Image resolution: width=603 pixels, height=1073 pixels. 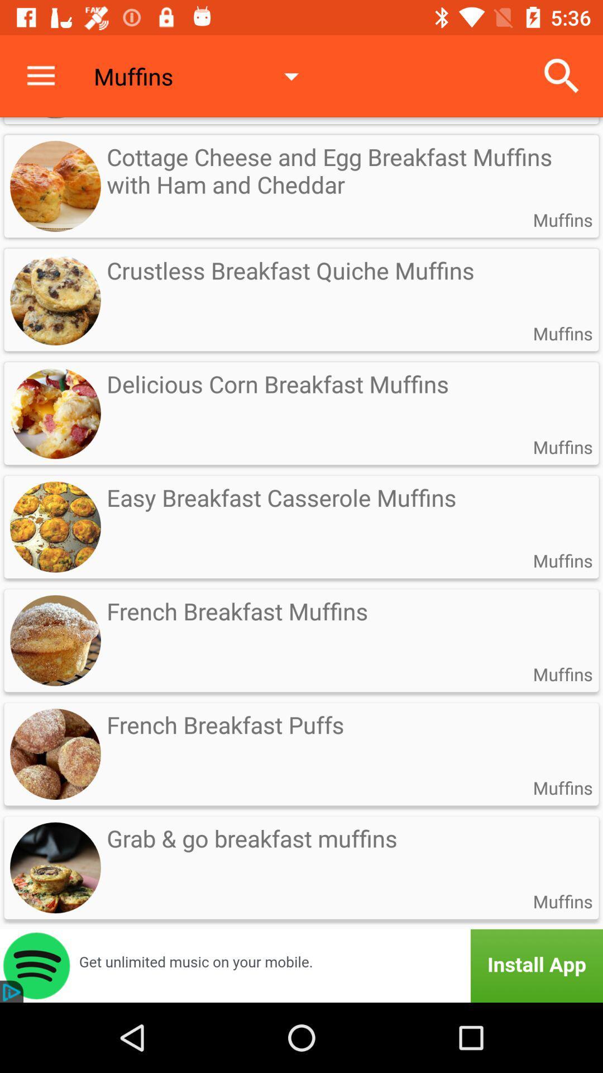 I want to click on install app, so click(x=301, y=965).